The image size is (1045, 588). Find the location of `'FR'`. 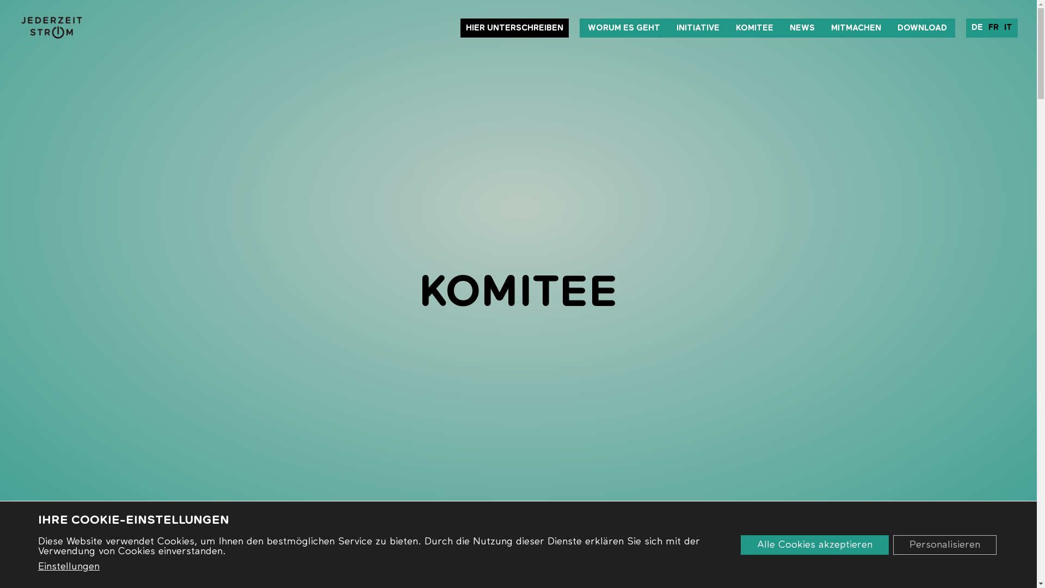

'FR' is located at coordinates (985, 27).